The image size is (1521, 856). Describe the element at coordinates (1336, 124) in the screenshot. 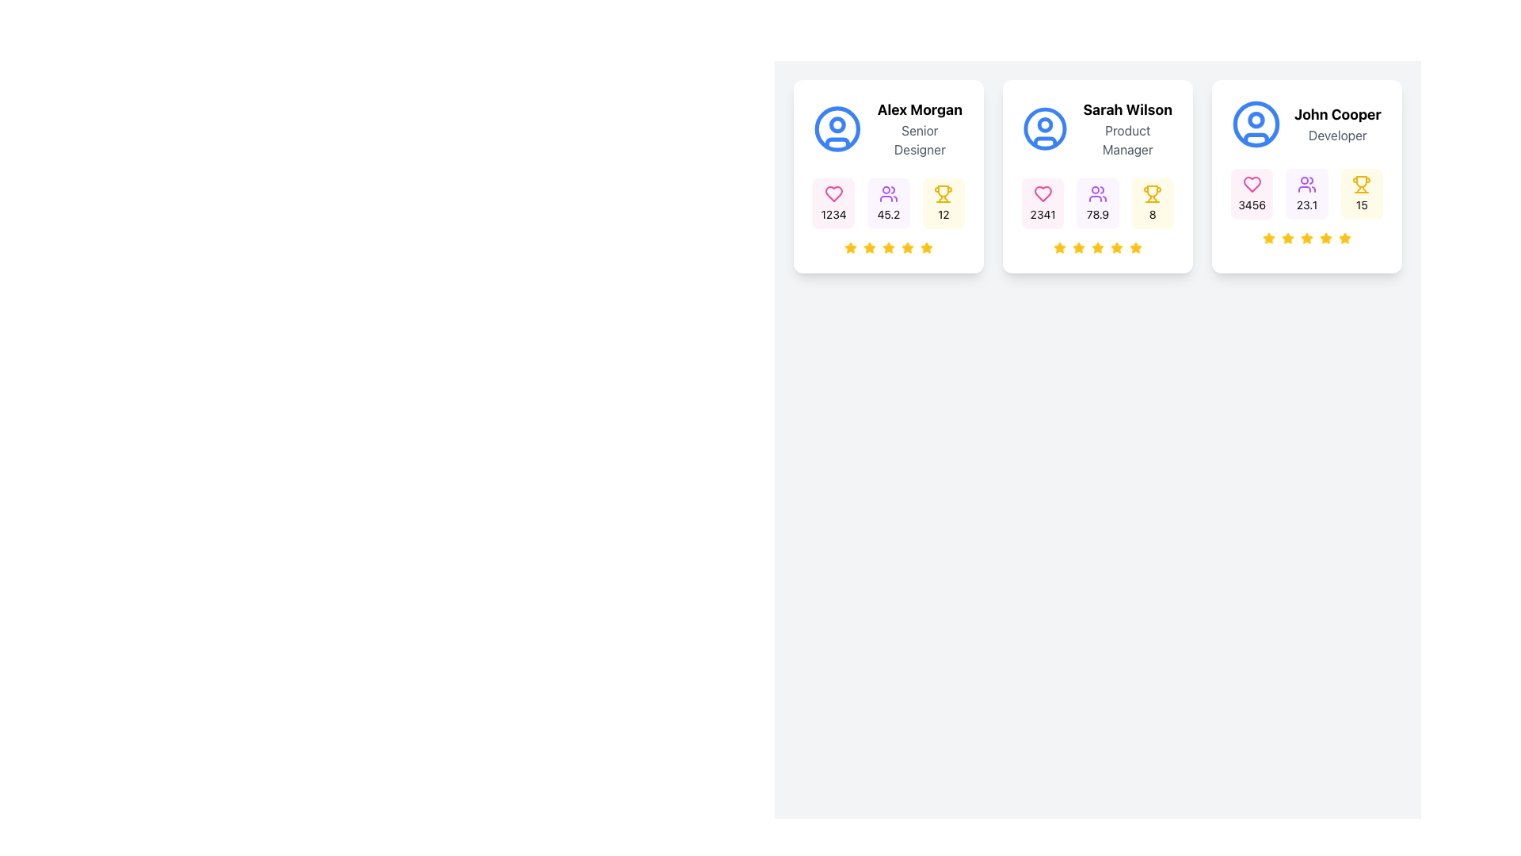

I see `name 'John Cooper' and title 'Developer' from the text label in the rightmost profile card, which is distinguished by its bold font for the name and a gray color for the title` at that location.